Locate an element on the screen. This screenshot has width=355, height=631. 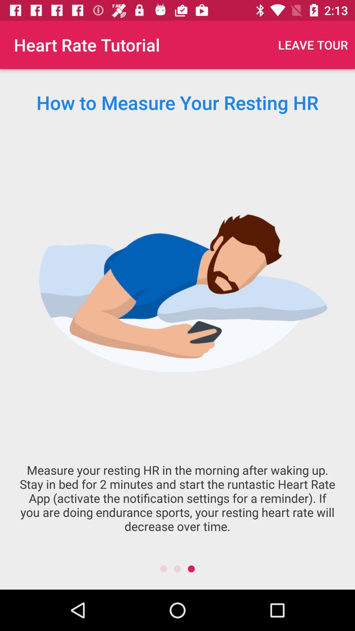
the item to the right of the heart rate tutorial item is located at coordinates (313, 44).